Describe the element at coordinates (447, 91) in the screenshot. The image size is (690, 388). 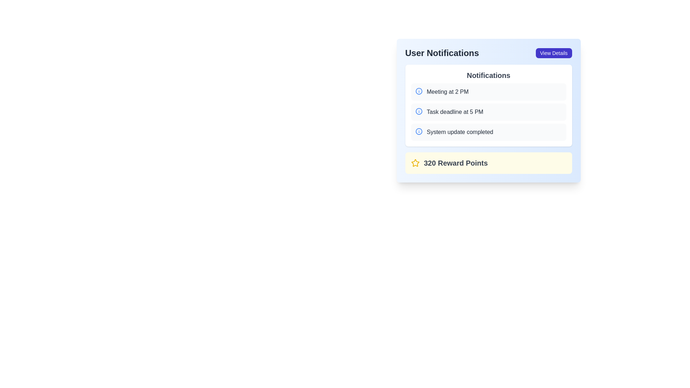
I see `the Text Label that indicates a scheduled meeting at 2 PM, located in the top section of the 'User Notifications' card, adjacent to an information icon` at that location.